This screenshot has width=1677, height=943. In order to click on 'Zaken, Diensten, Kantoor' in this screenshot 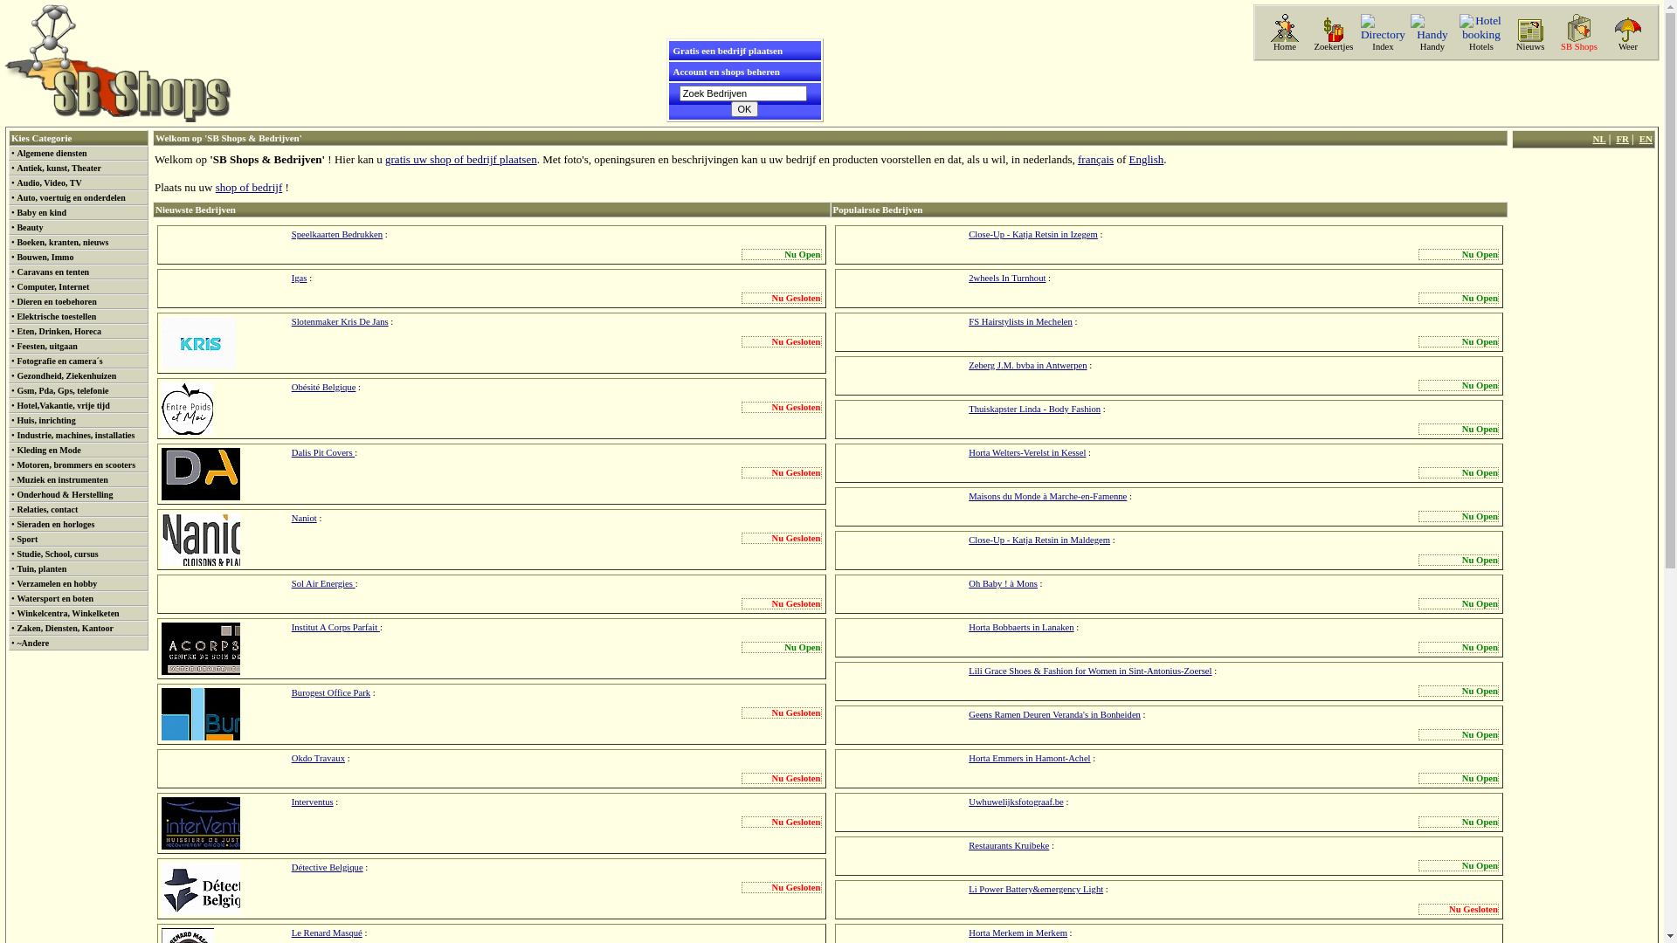, I will do `click(65, 627)`.